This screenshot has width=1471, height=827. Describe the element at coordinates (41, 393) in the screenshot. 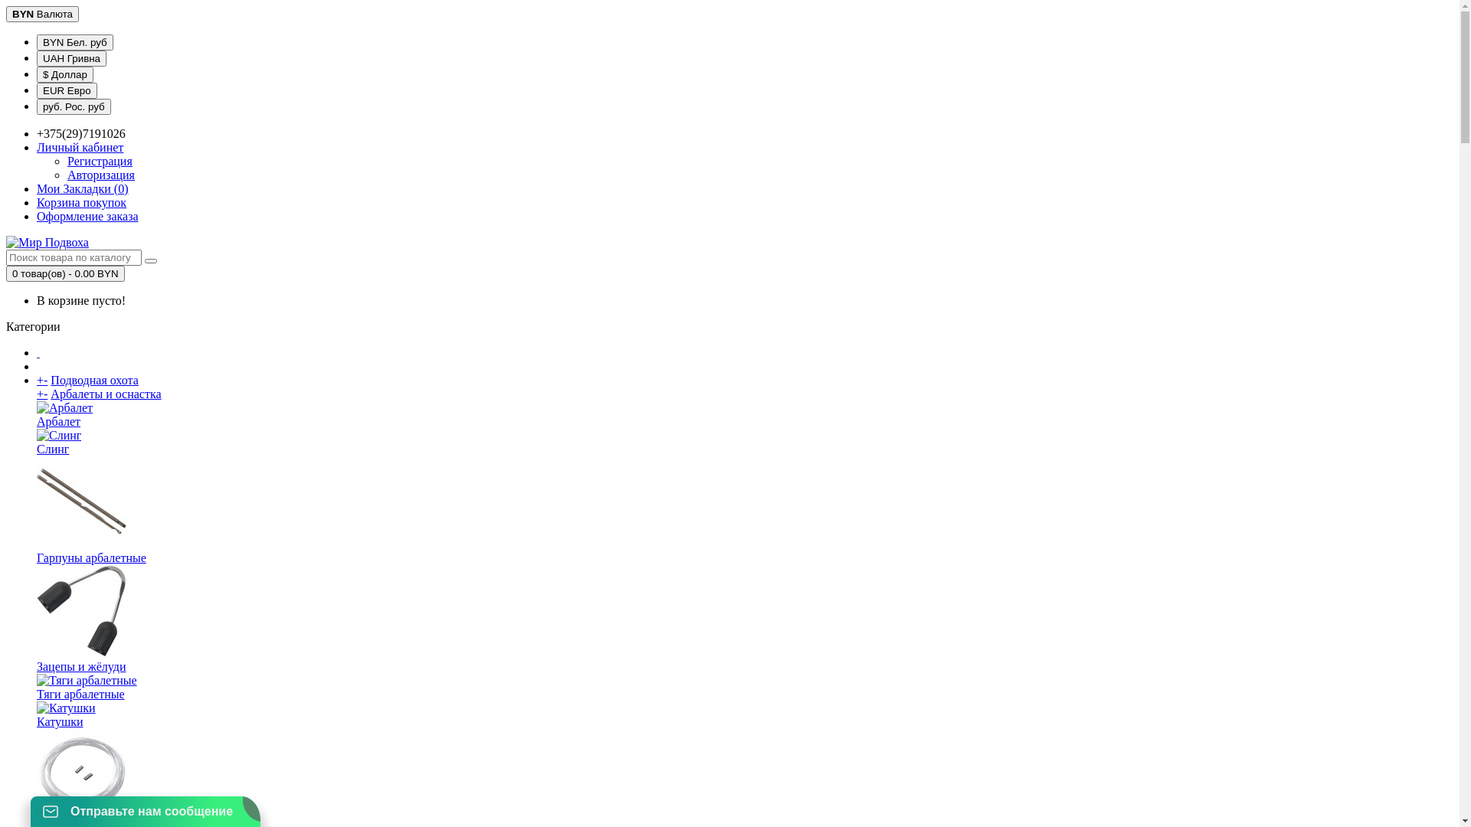

I see `'+-'` at that location.